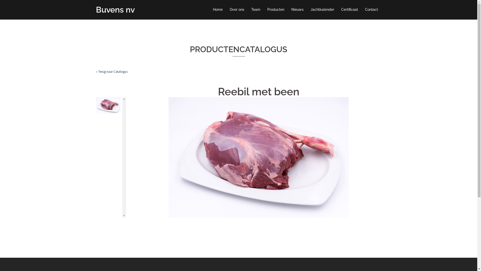 This screenshot has width=481, height=271. I want to click on 'Buvens nv', so click(115, 10).